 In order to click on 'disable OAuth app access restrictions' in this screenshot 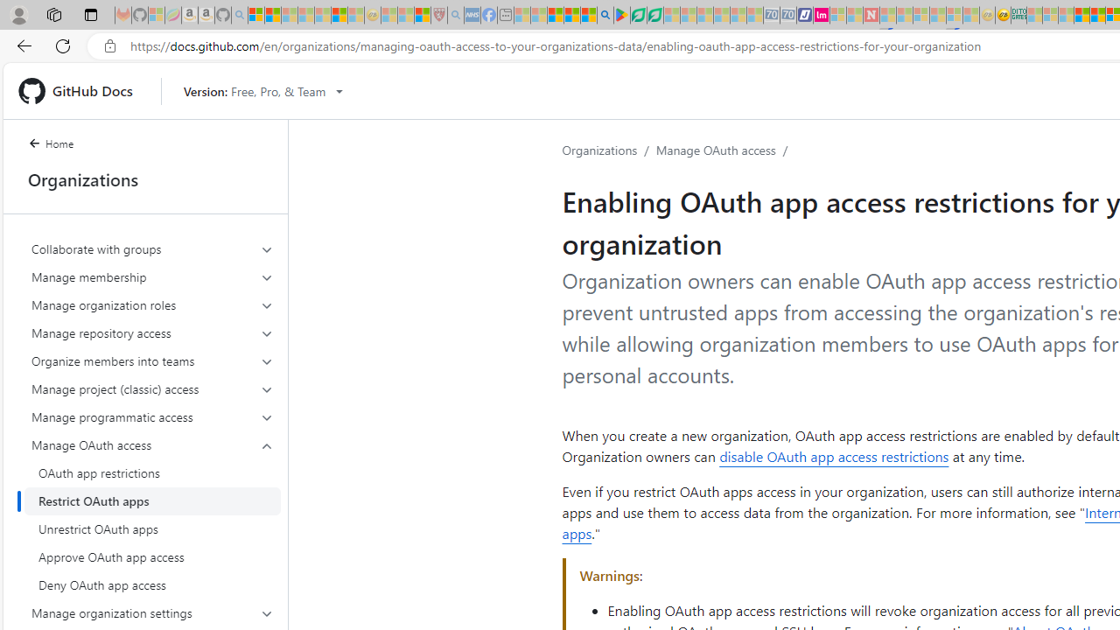, I will do `click(833, 455)`.